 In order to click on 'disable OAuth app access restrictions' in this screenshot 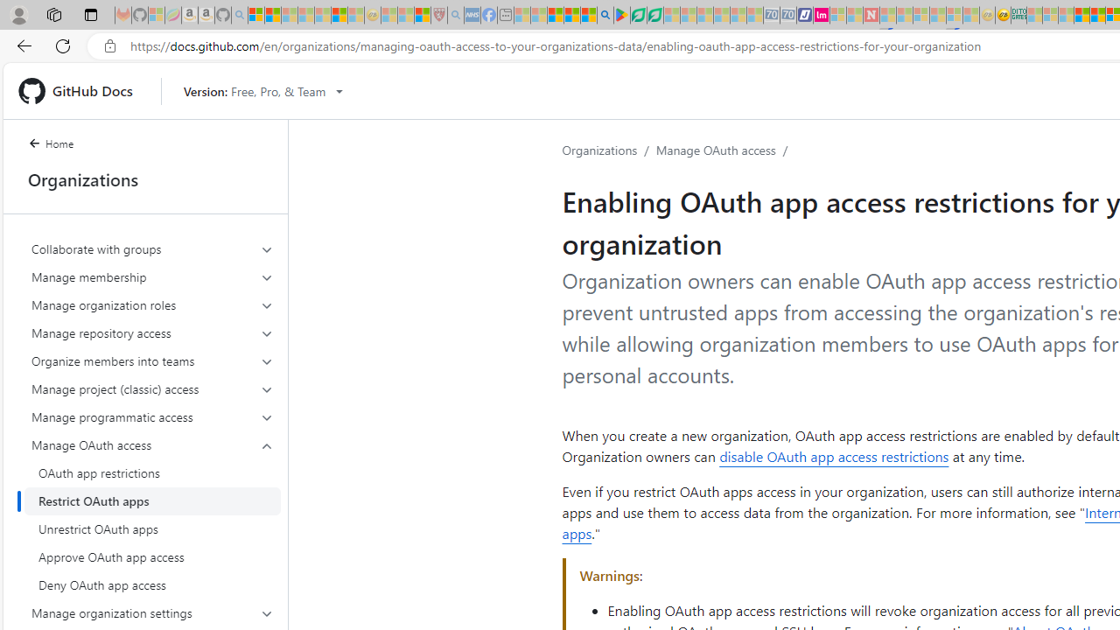, I will do `click(833, 455)`.